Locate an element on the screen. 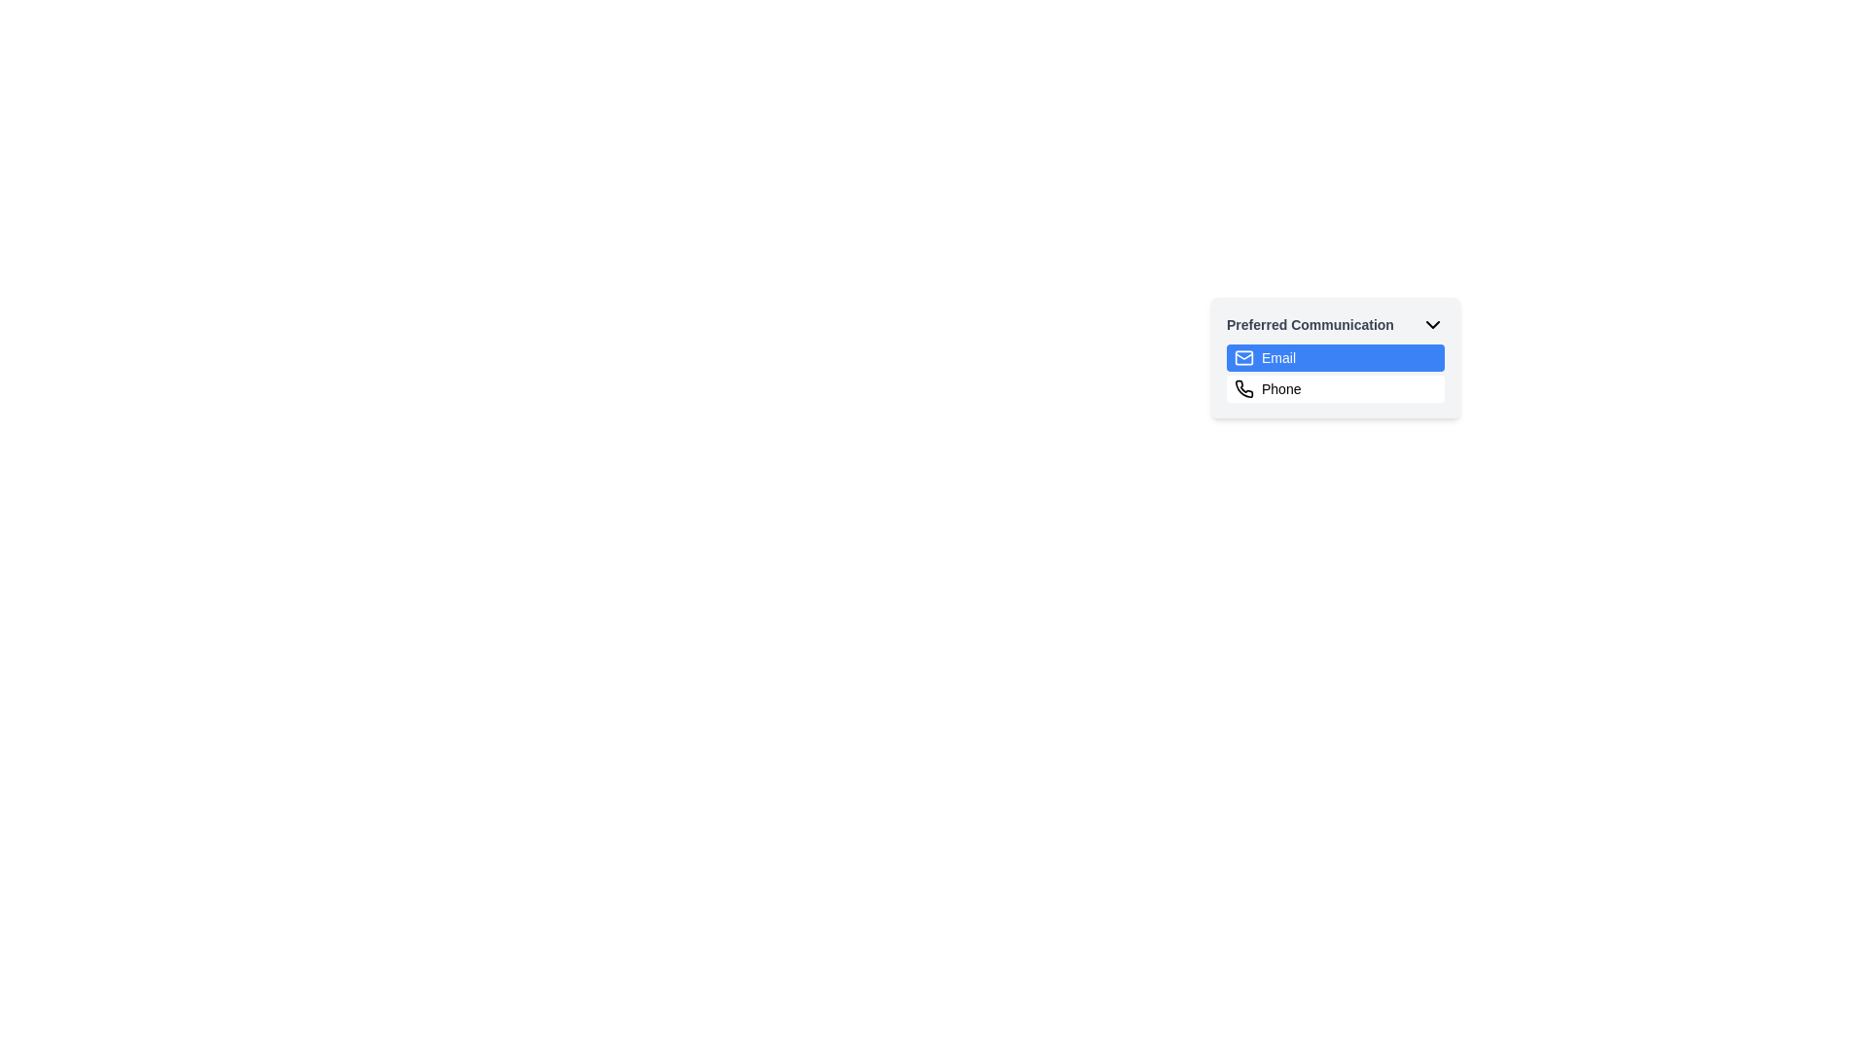 The image size is (1868, 1051). the black phone icon located on the right side of the dropdown menu under 'Preferred Communication', adjacent to the 'Phone' text label is located at coordinates (1243, 388).